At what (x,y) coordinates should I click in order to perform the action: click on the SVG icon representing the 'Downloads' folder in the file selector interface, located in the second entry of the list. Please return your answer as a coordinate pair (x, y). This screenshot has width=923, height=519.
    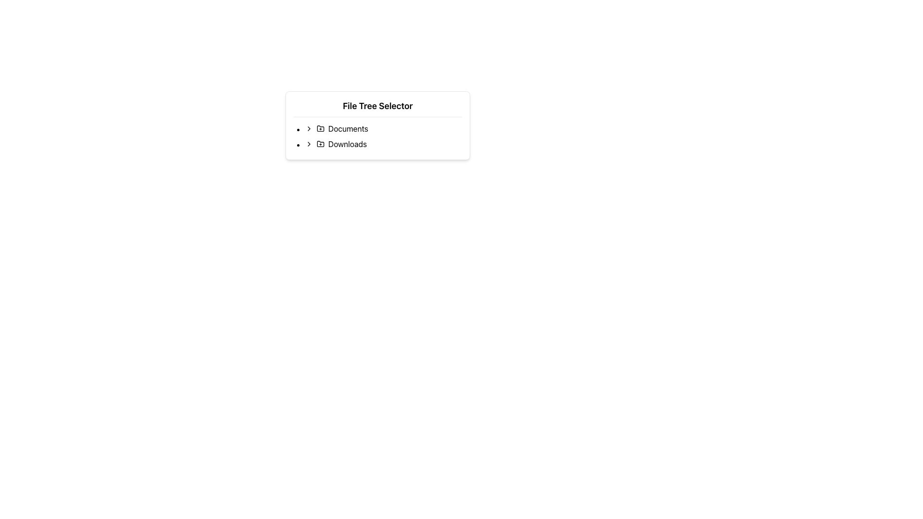
    Looking at the image, I should click on (321, 144).